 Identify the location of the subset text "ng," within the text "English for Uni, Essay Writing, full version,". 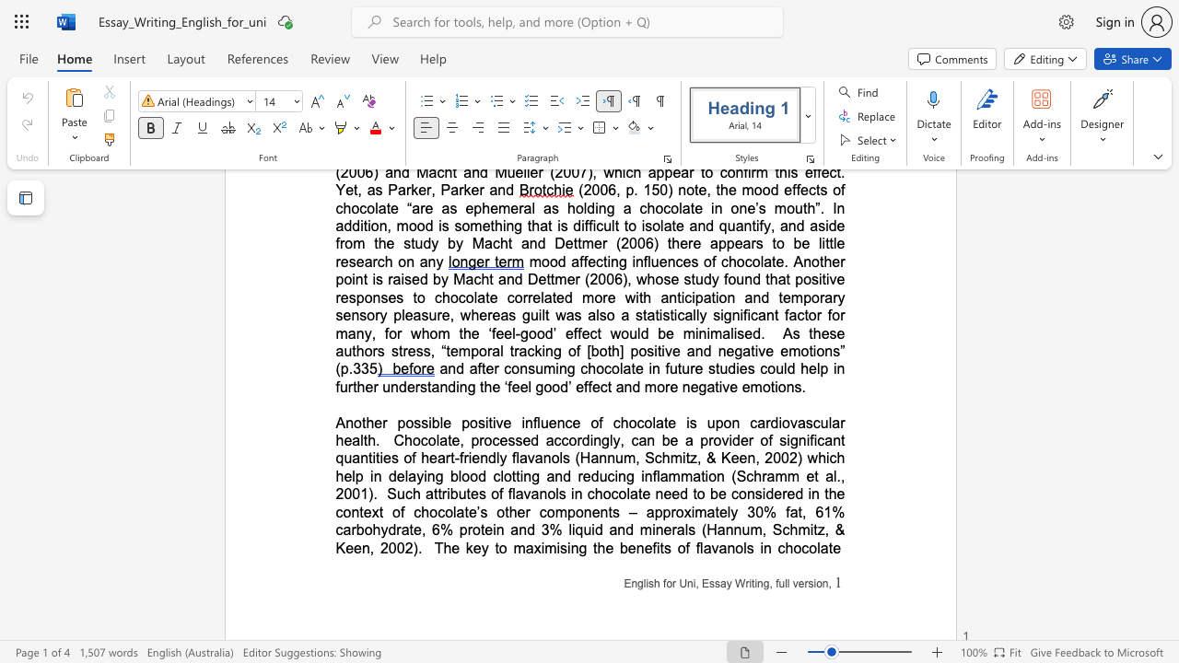
(757, 584).